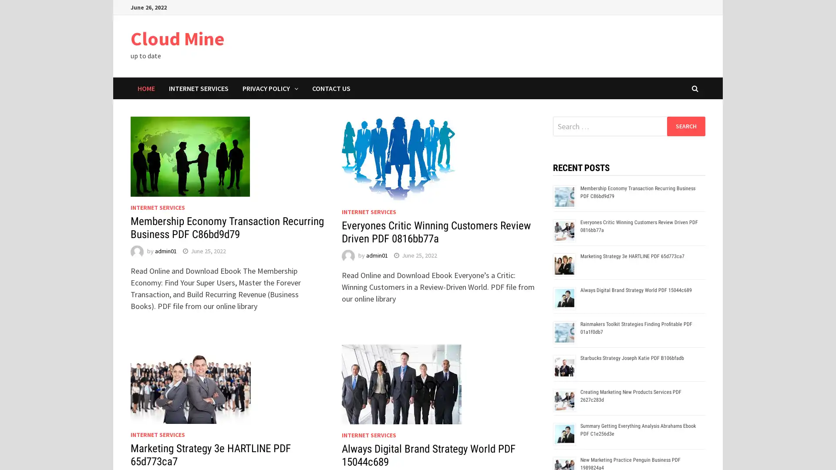 This screenshot has width=836, height=470. I want to click on Search, so click(685, 126).